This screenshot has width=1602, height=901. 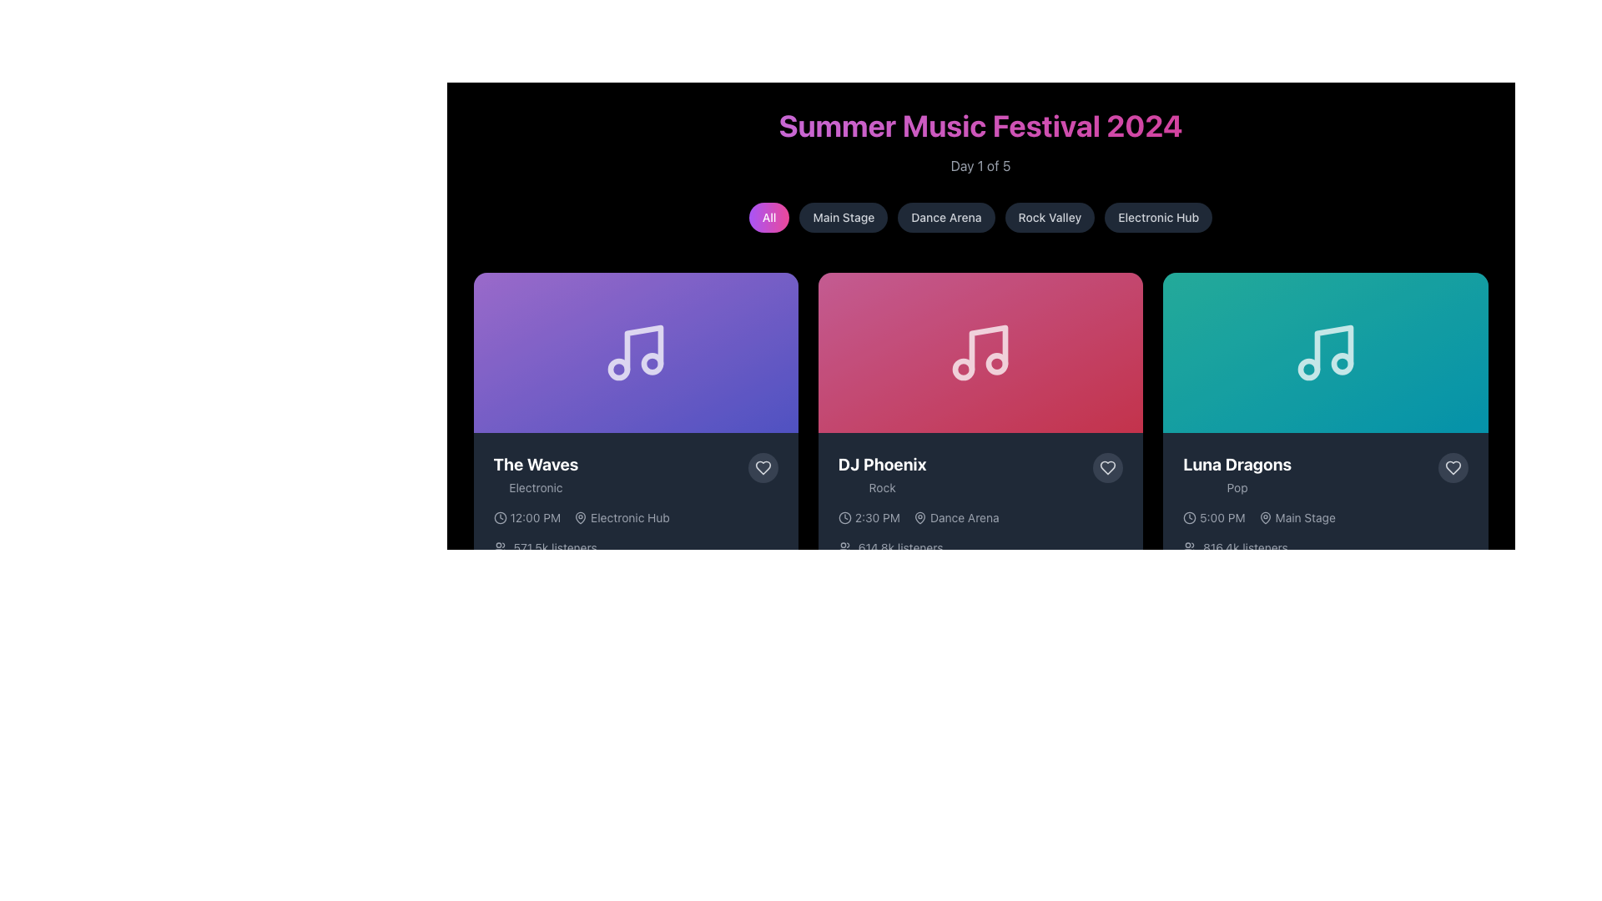 I want to click on the text block indicating 'Luna Dragons' and 'Pop' for further options in the musical presentation card located at the bottom of the card layout, so click(x=1324, y=475).